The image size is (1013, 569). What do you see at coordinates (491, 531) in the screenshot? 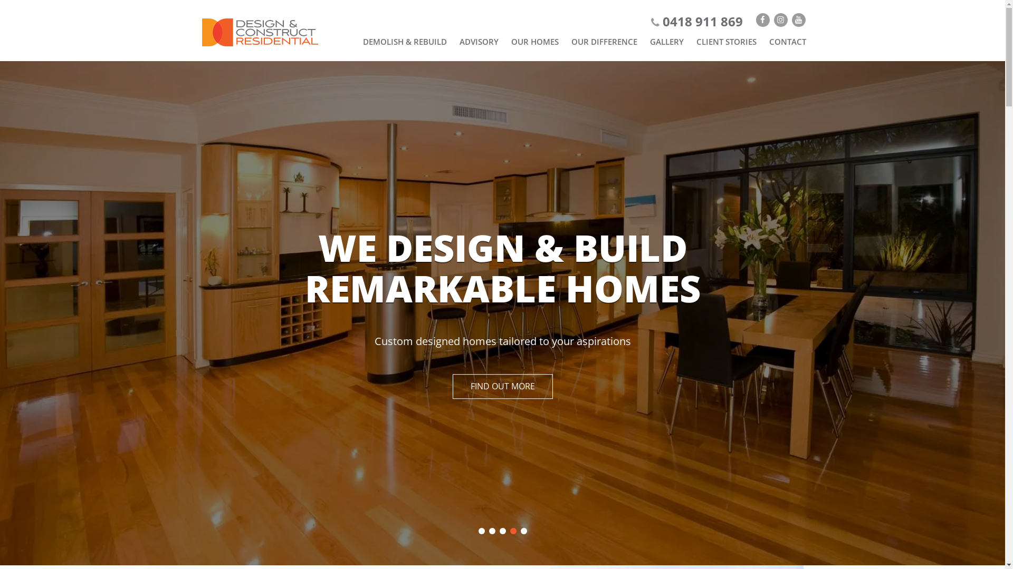
I see `'2'` at bounding box center [491, 531].